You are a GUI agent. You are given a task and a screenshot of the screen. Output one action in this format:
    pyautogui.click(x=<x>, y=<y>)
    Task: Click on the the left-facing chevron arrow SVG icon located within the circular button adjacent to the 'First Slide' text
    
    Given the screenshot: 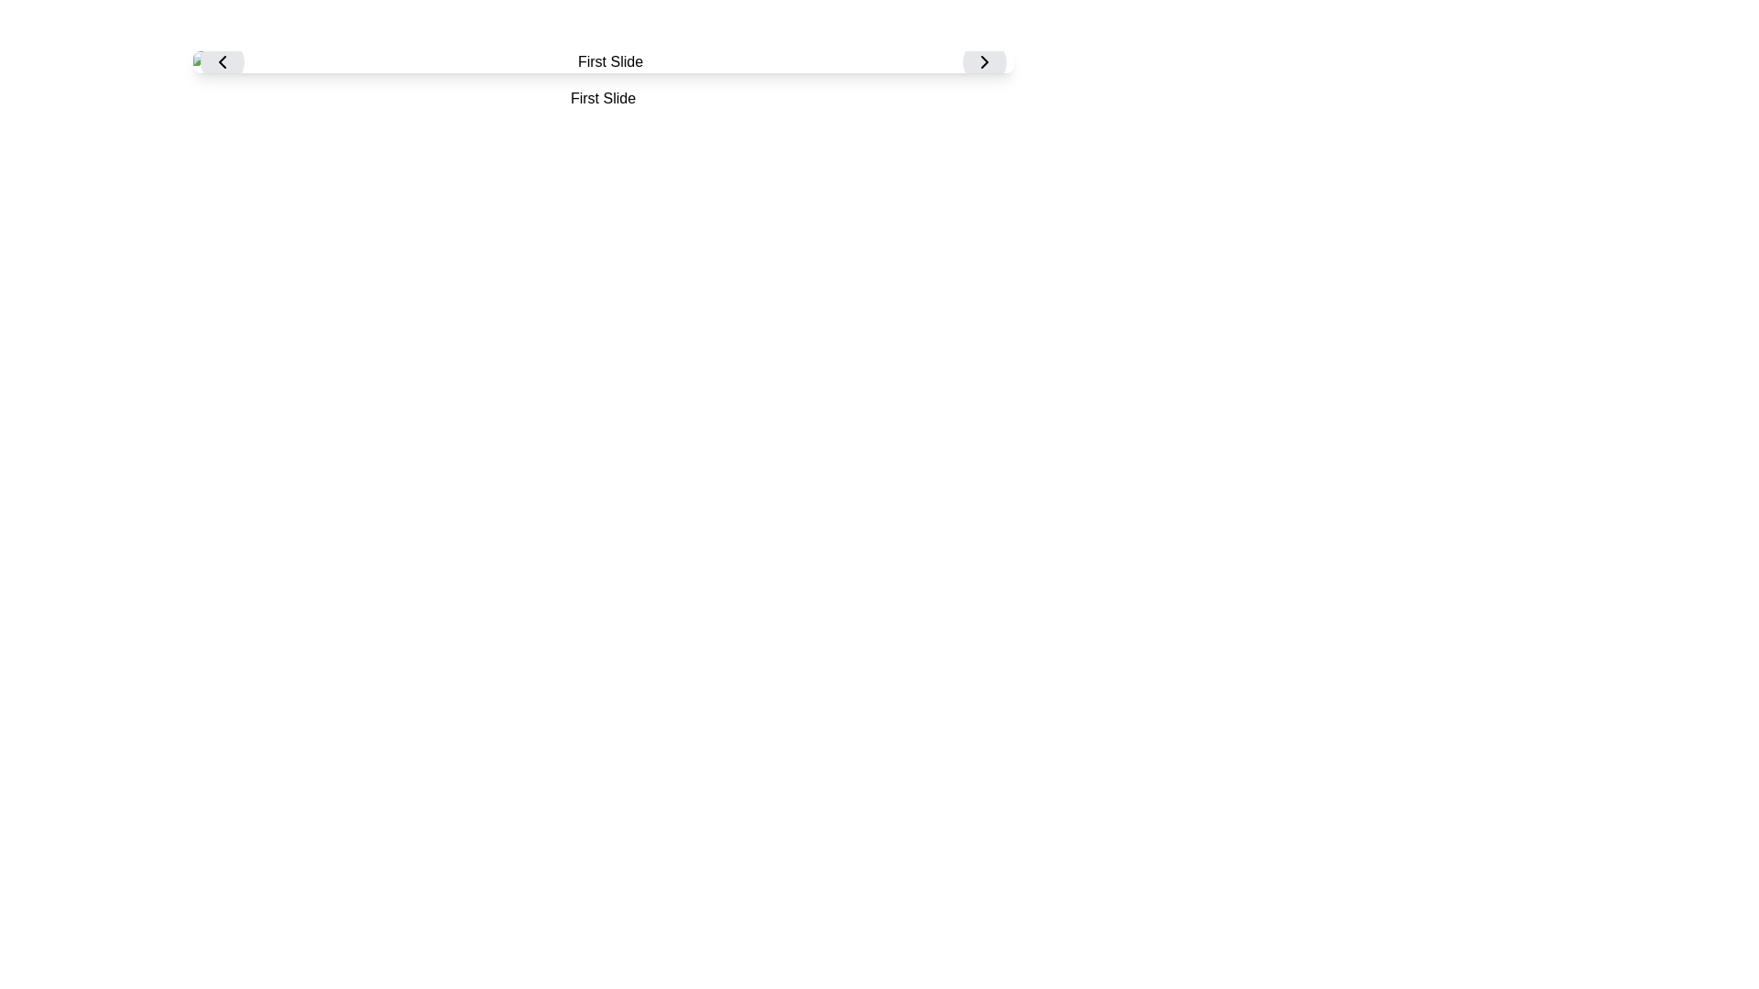 What is the action you would take?
    pyautogui.click(x=221, y=61)
    